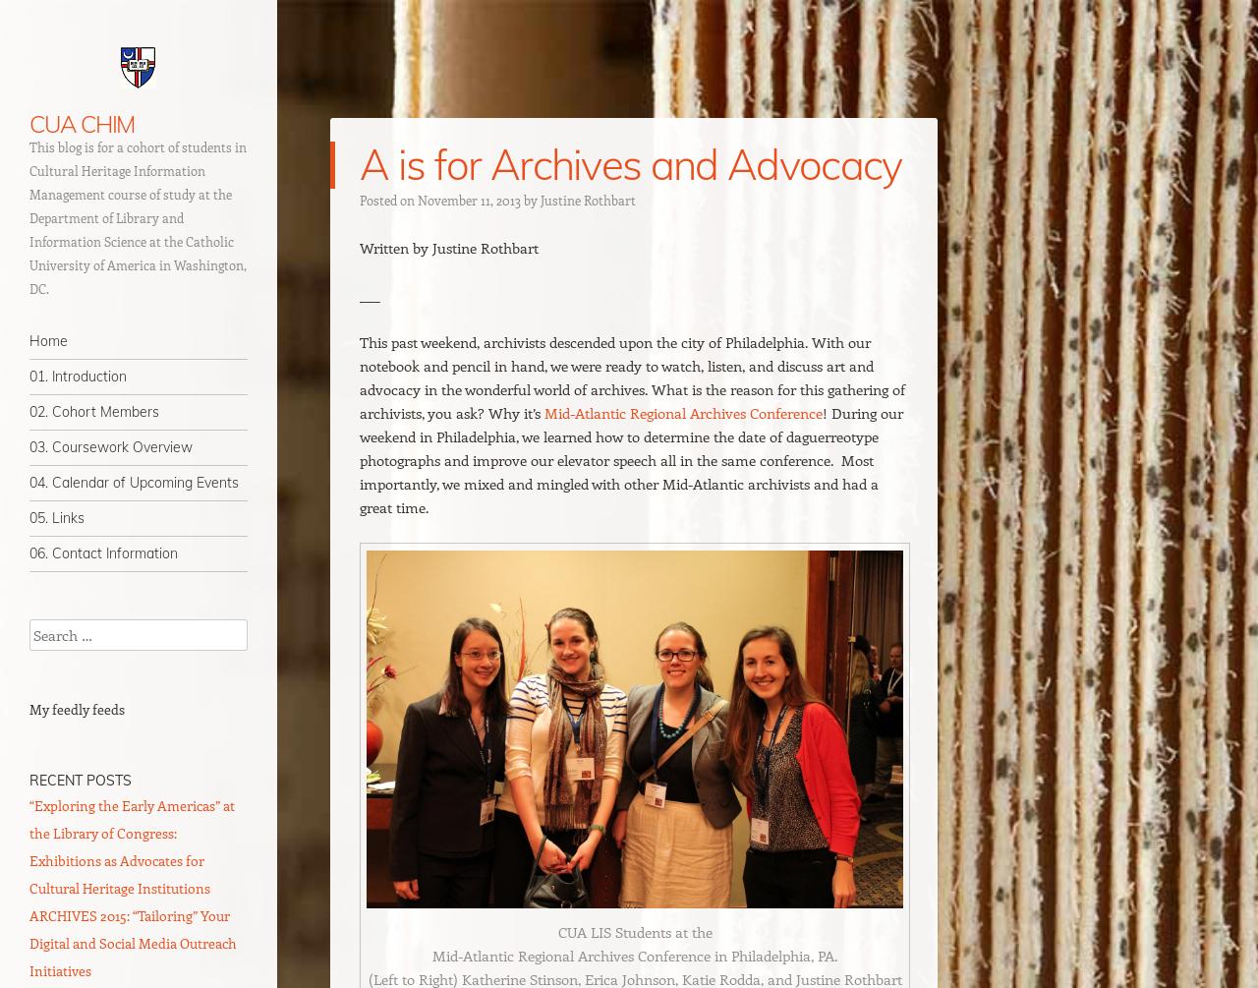  I want to click on '04. Calendar of Upcoming Events', so click(29, 483).